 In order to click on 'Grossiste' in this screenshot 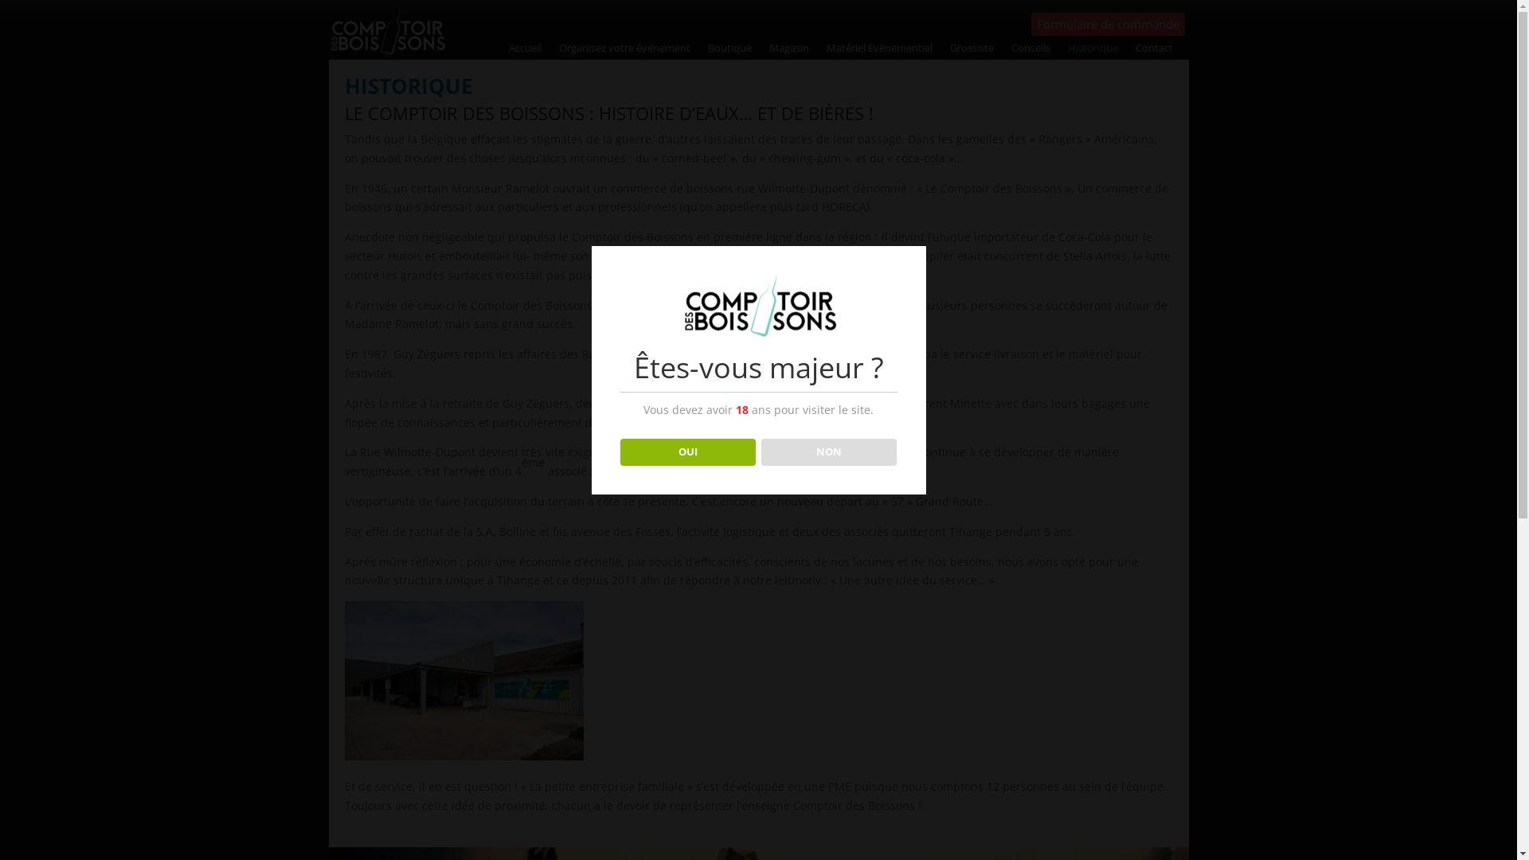, I will do `click(950, 50)`.